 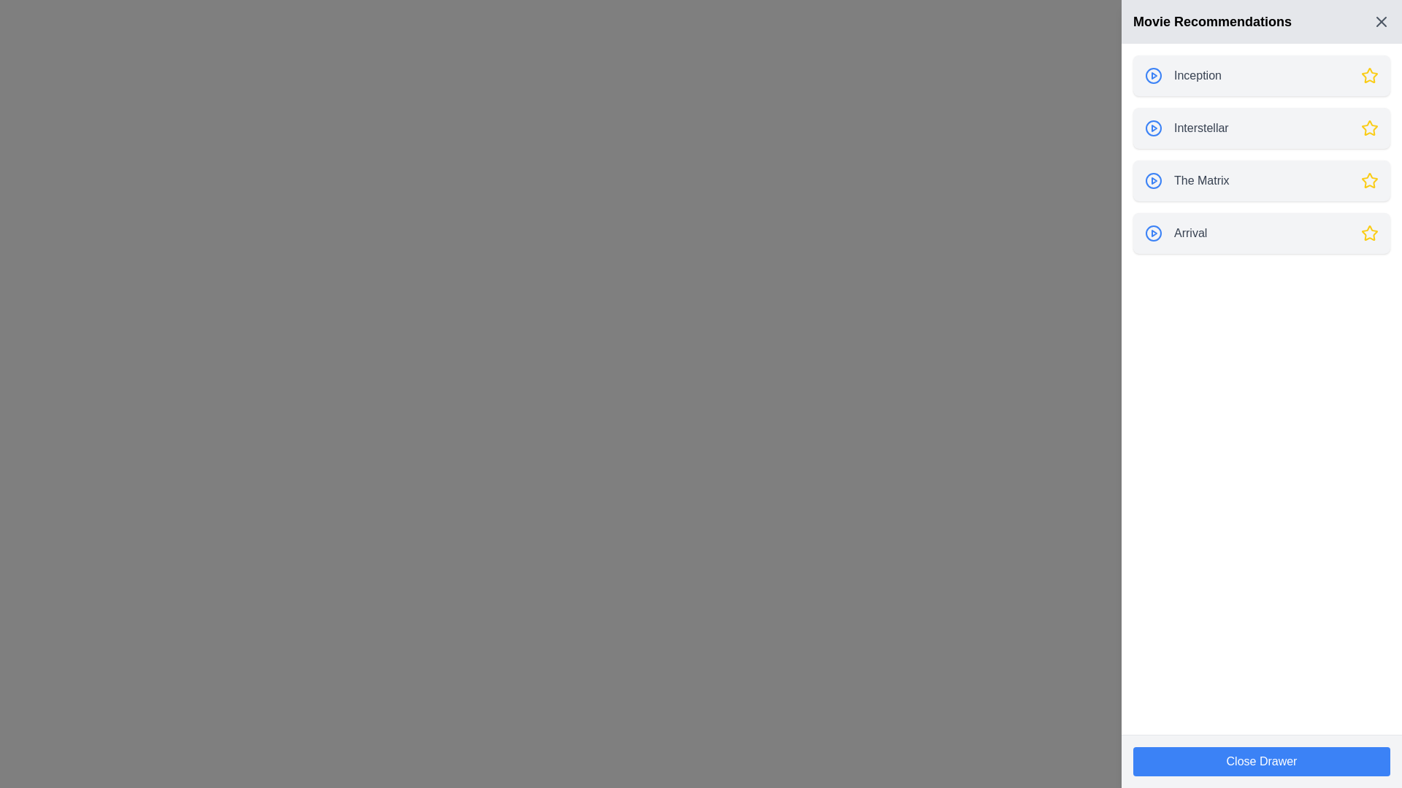 What do you see at coordinates (1187, 128) in the screenshot?
I see `the selectable movie recommendation text located between the play button icon and the star-shaped rating icon, which is the second item in the list of movie recommendations` at bounding box center [1187, 128].